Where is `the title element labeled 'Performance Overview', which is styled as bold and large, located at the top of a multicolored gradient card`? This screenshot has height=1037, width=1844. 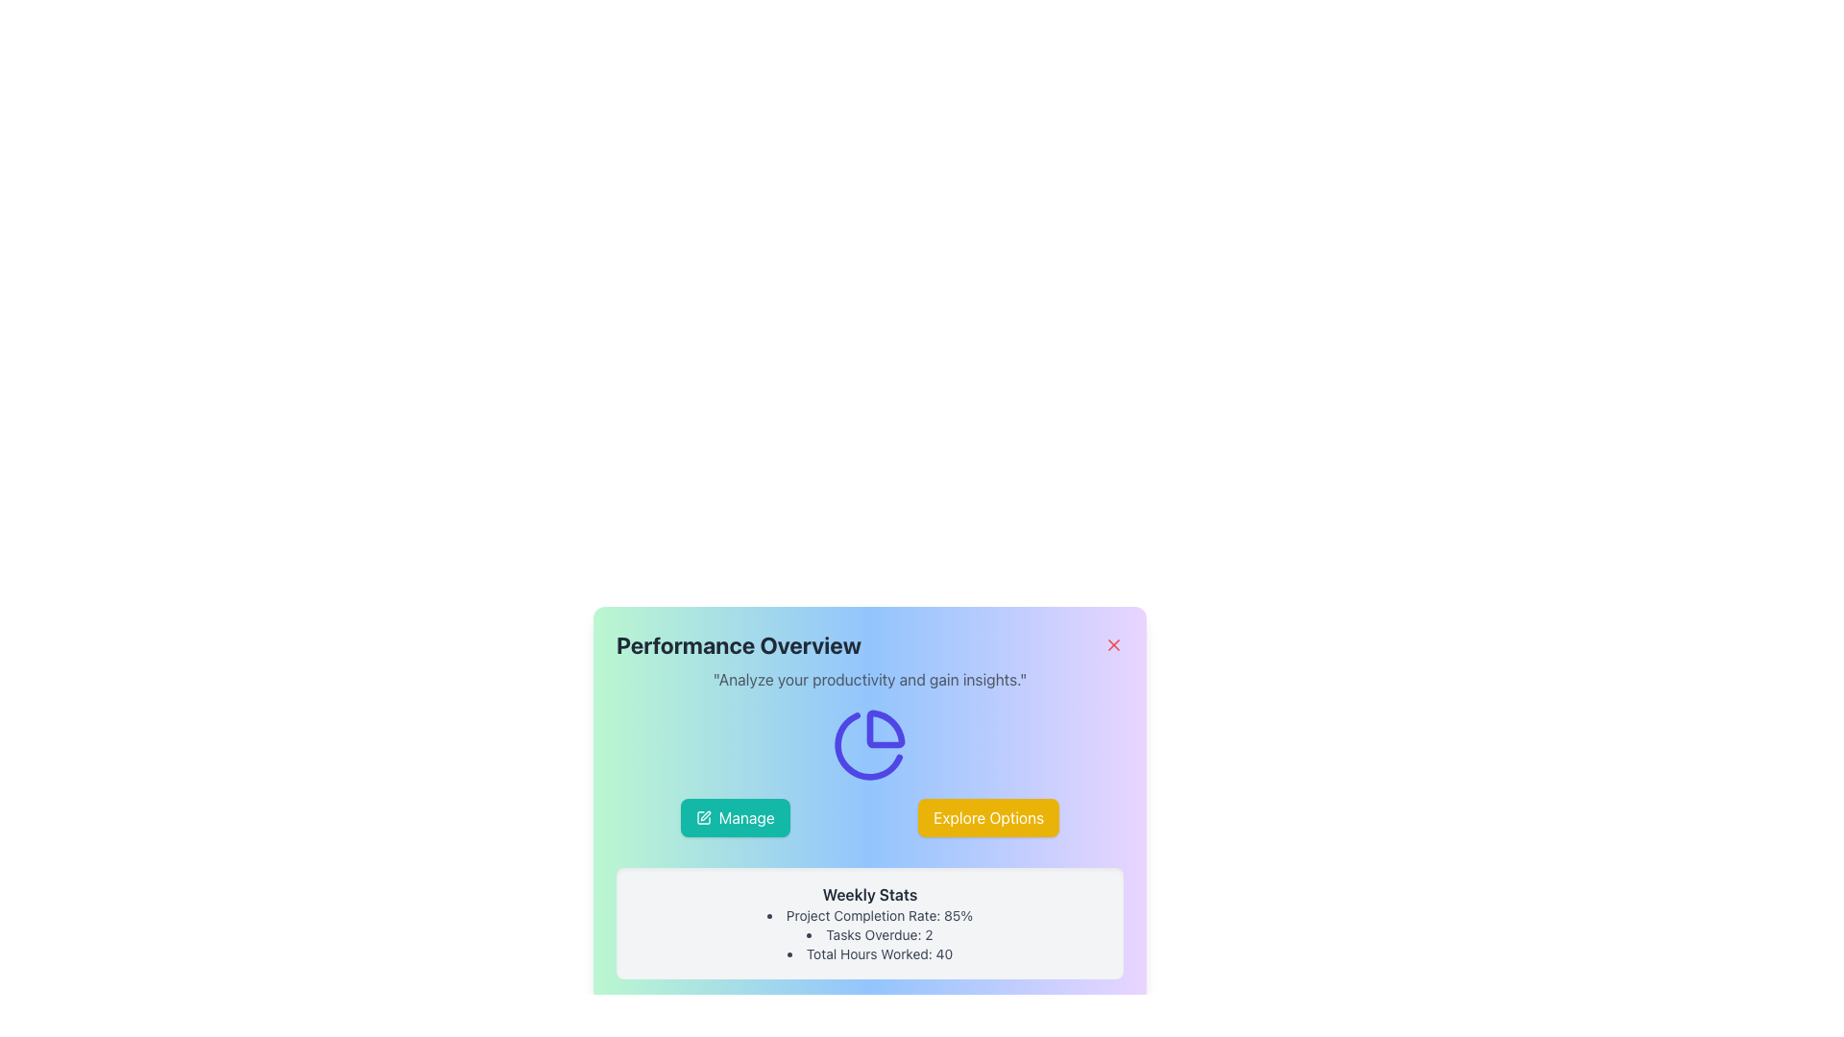 the title element labeled 'Performance Overview', which is styled as bold and large, located at the top of a multicolored gradient card is located at coordinates (869, 644).